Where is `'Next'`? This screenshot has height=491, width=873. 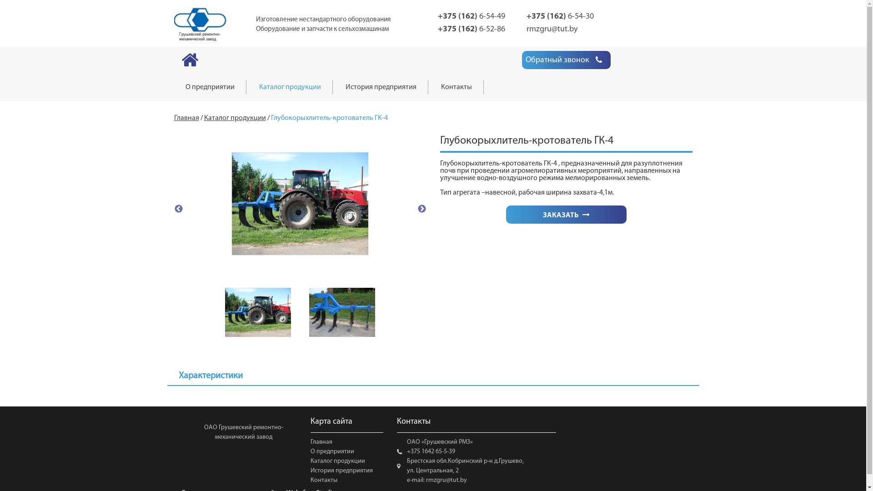
'Next' is located at coordinates (421, 209).